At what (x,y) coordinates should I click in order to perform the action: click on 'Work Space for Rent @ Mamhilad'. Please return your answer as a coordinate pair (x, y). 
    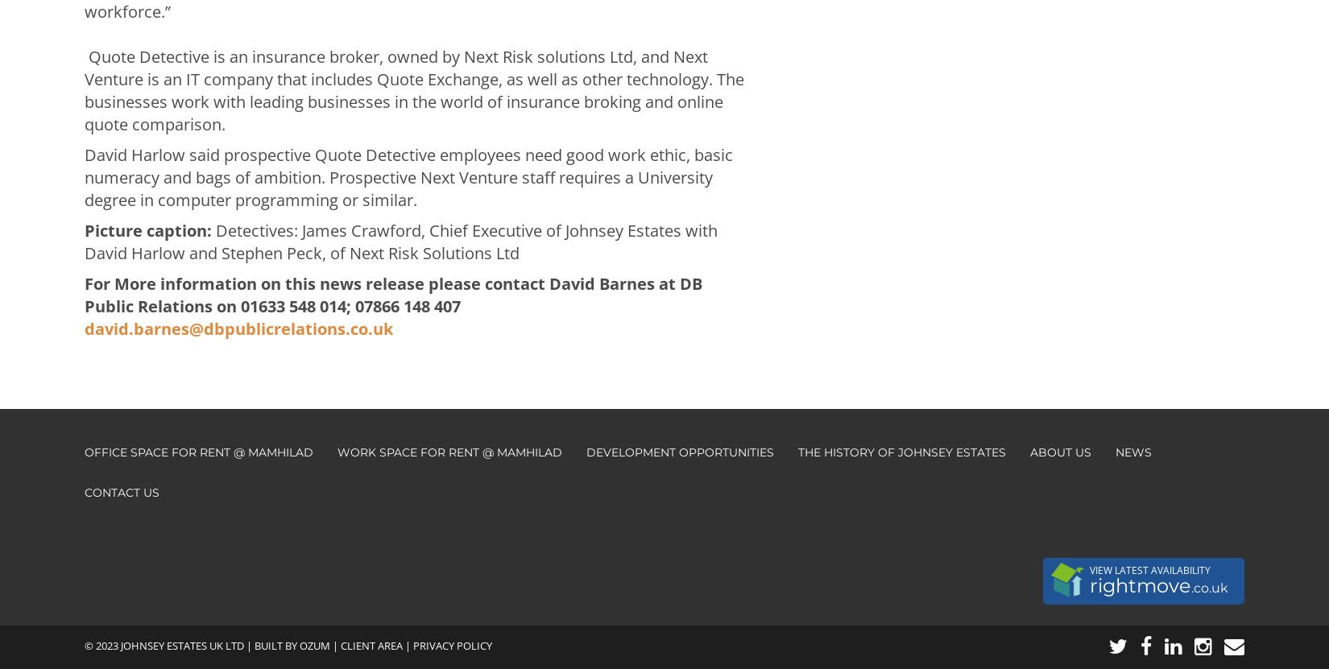
    Looking at the image, I should click on (449, 452).